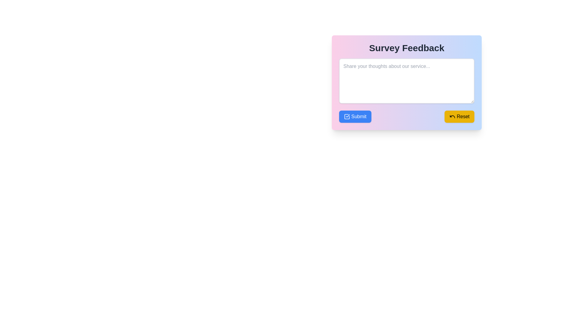 This screenshot has width=585, height=329. I want to click on the leftmost submission button in the button group located near the bottom-left corner of the 'Survey Feedback' panel, so click(355, 116).